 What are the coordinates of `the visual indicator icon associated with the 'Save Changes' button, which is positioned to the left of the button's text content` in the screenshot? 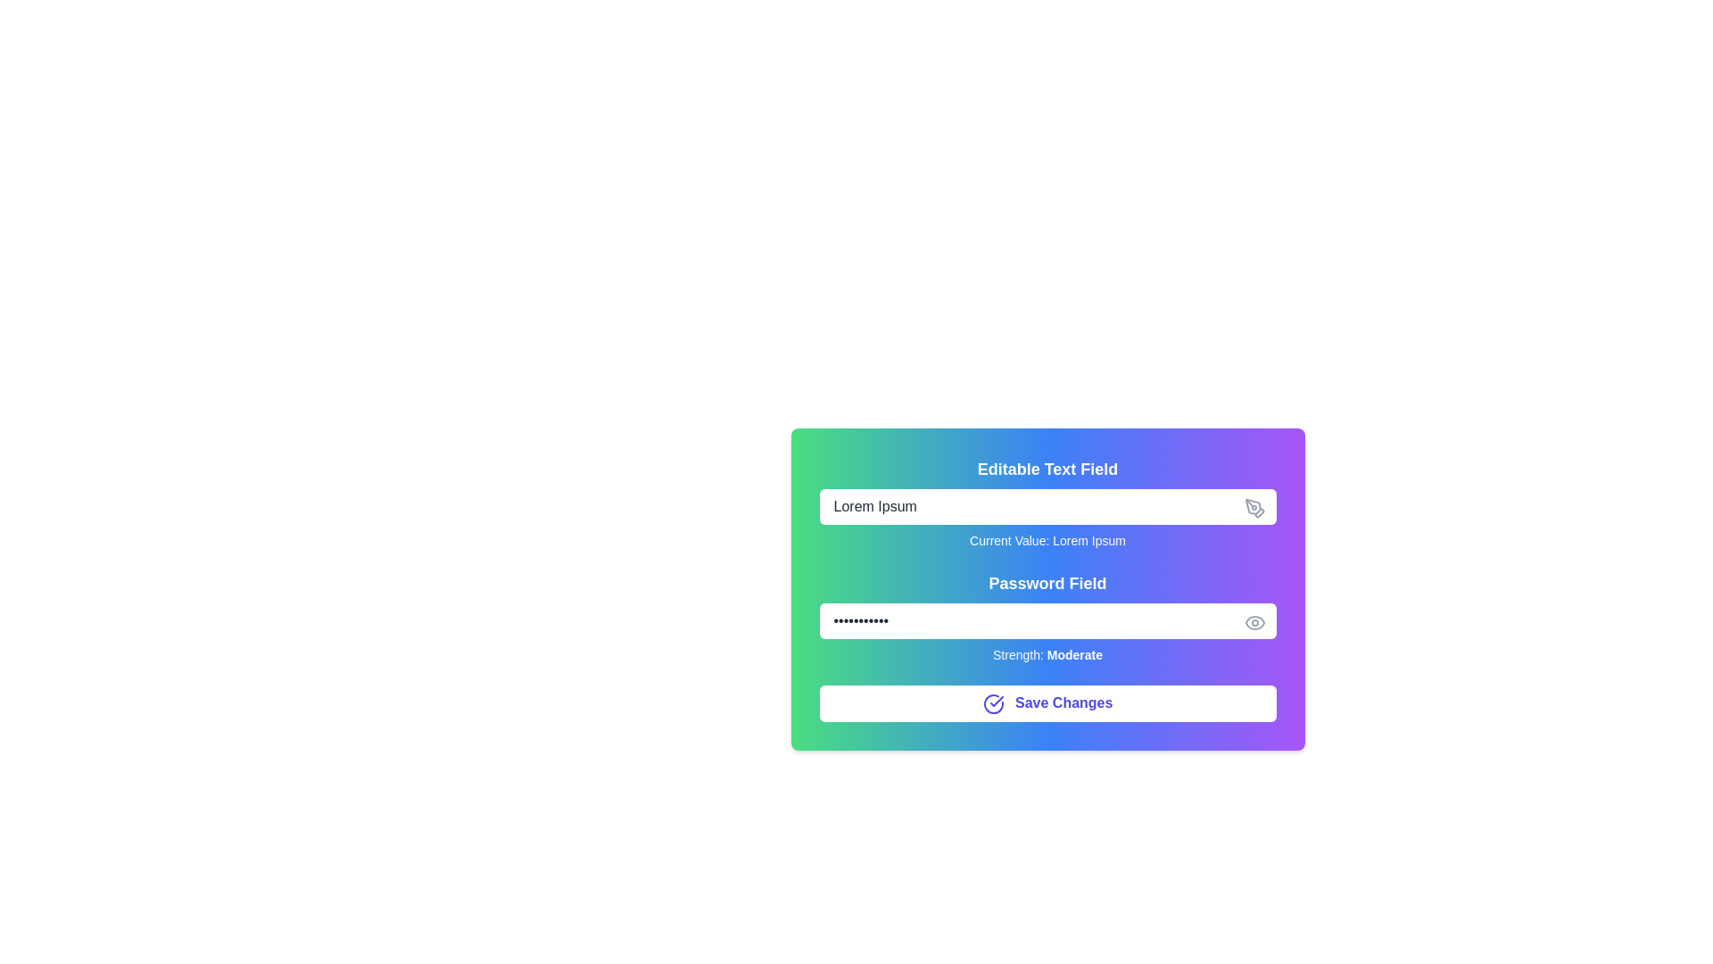 It's located at (992, 702).